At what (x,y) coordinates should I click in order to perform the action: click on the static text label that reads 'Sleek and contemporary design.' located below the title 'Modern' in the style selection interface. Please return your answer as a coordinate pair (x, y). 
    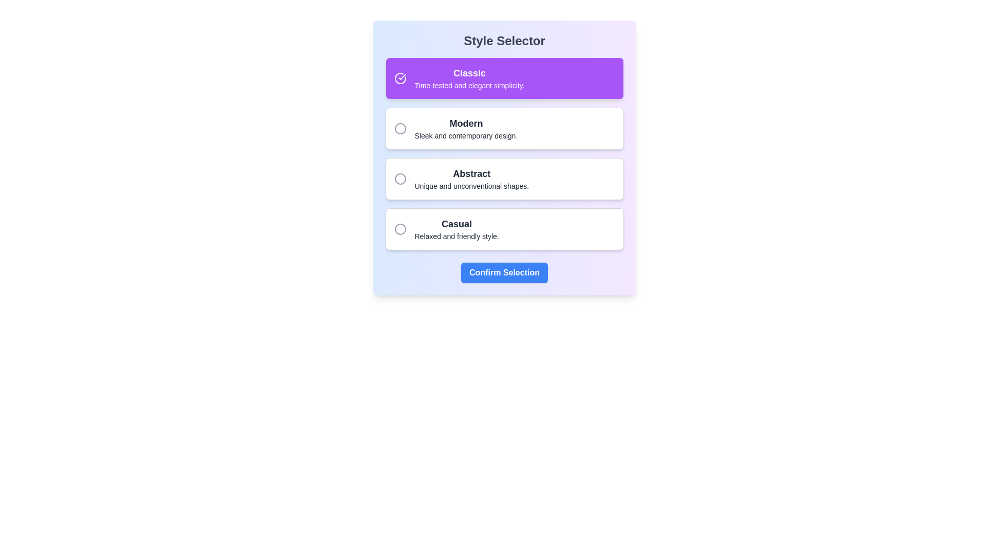
    Looking at the image, I should click on (465, 135).